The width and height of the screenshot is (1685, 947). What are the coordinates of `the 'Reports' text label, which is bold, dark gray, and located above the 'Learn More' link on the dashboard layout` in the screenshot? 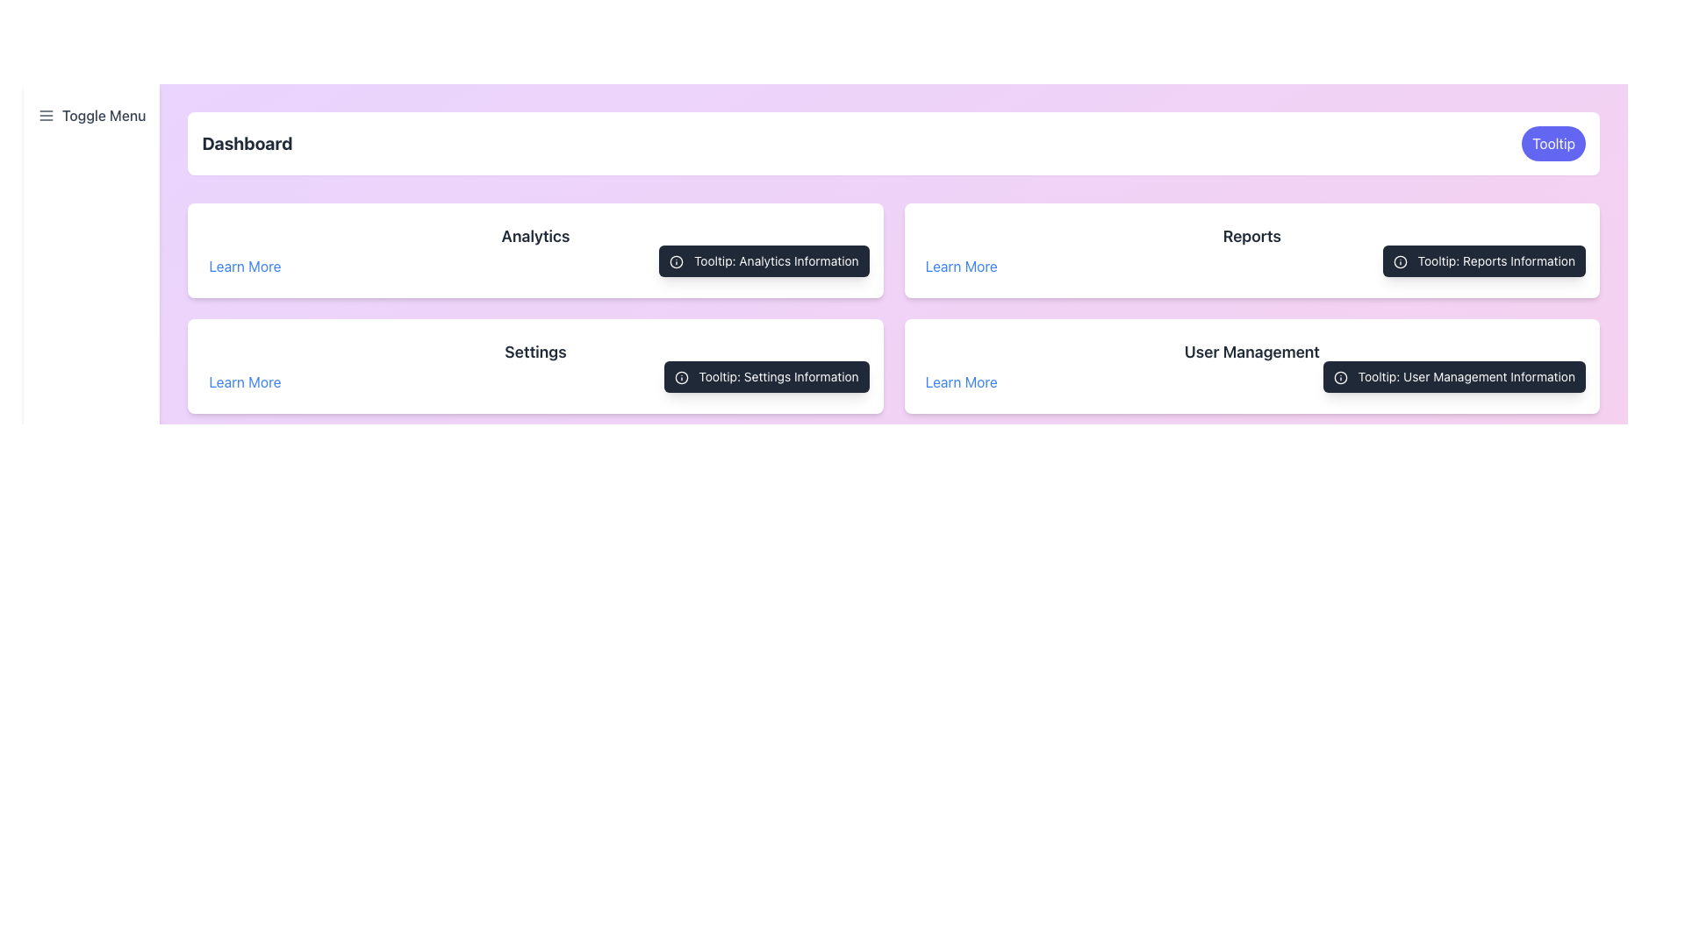 It's located at (1251, 237).